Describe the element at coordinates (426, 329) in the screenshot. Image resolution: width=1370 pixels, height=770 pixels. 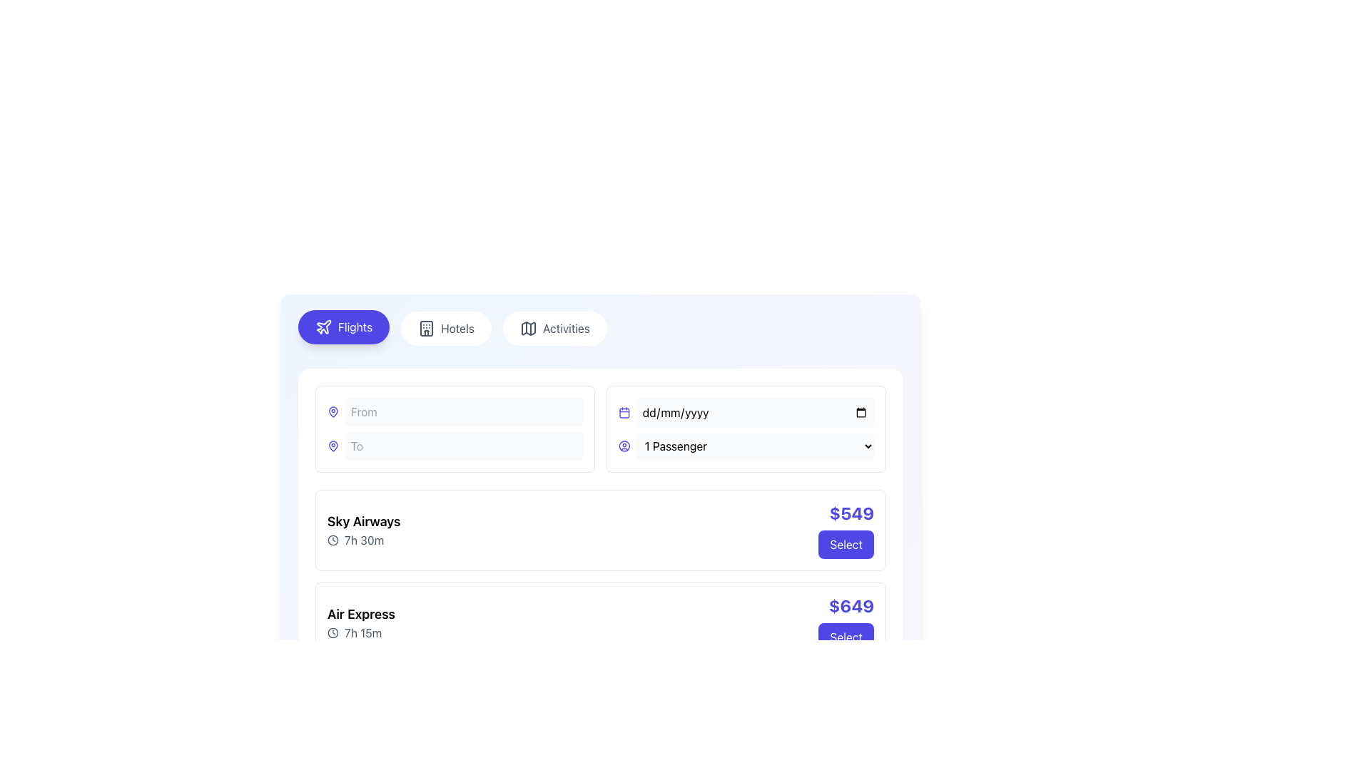
I see `the small hotel building icon located within the 'Hotels' button, positioned on the left side of the button text` at that location.